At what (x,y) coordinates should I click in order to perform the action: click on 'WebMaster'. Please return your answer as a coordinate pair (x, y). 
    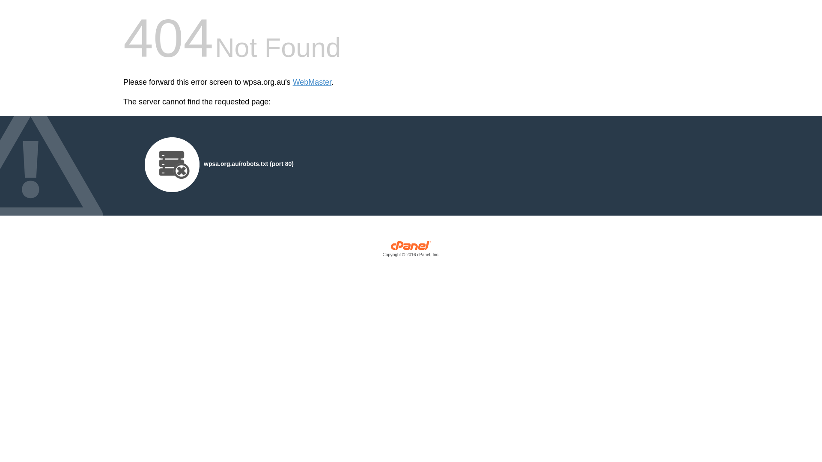
    Looking at the image, I should click on (312, 82).